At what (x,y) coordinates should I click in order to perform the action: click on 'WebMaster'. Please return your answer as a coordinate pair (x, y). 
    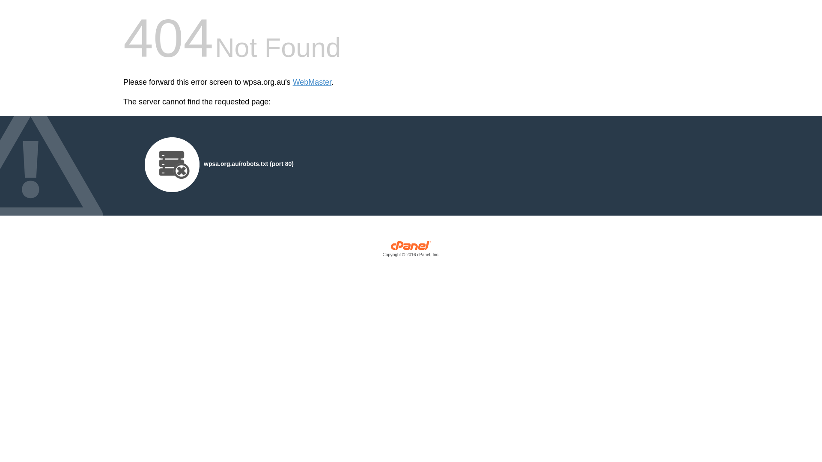
    Looking at the image, I should click on (312, 82).